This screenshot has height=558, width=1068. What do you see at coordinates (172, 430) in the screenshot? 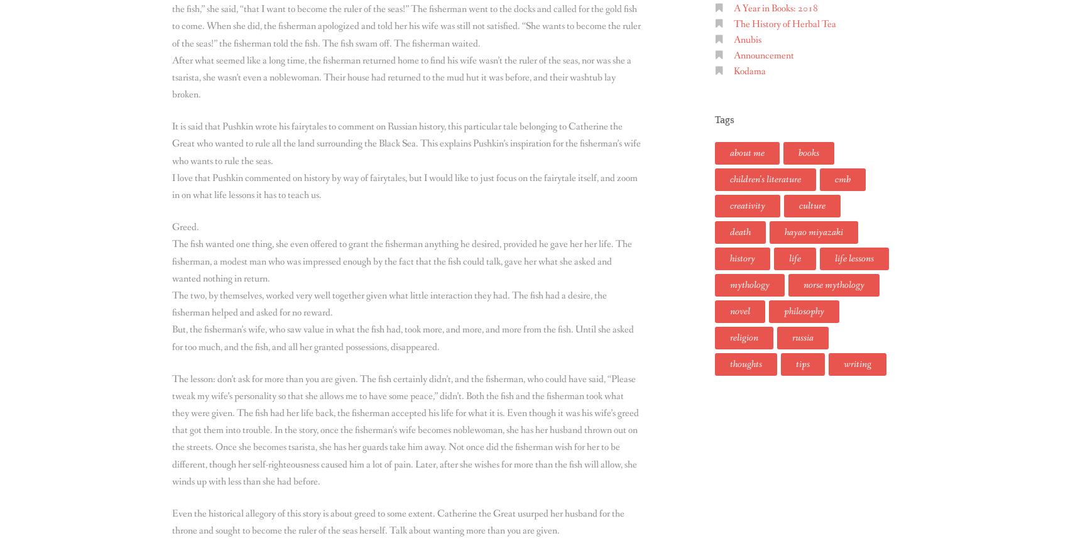
I see `'The lesson: don’t ask for more than you are given. The fish certainly didn’t, and the fisherman, who could have said, “Please tweak my wife’s personality so that she allows me to have some peace,” didn’t. Both the fish and the fisherman took what they were given. The fish had her life back, the fisherman accepted his life for what it is. Even though it was his wife’s greed that got them into trouble. In the story, once the fisherman’s wife becomes noblewoman, she has her husband thrown out on the streets. Once she becomes tsarista, she has her guards take him away. Not once did the fisherman wish for her to be different, though her self-righteousness caused him a lot of pain. Later, after she wishes for more than the fish will allow, she winds up with less than she had before.'` at bounding box center [172, 430].